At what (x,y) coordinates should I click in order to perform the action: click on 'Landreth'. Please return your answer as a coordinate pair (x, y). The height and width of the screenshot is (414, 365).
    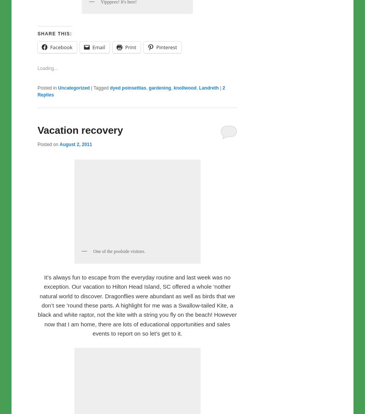
    Looking at the image, I should click on (209, 248).